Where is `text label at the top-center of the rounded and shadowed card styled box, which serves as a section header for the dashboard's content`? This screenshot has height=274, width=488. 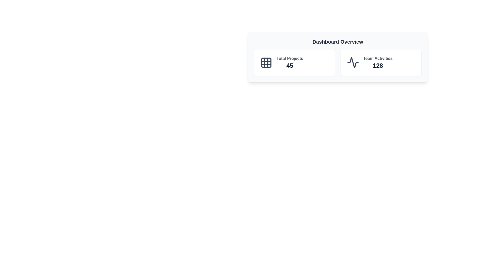
text label at the top-center of the rounded and shadowed card styled box, which serves as a section header for the dashboard's content is located at coordinates (338, 42).